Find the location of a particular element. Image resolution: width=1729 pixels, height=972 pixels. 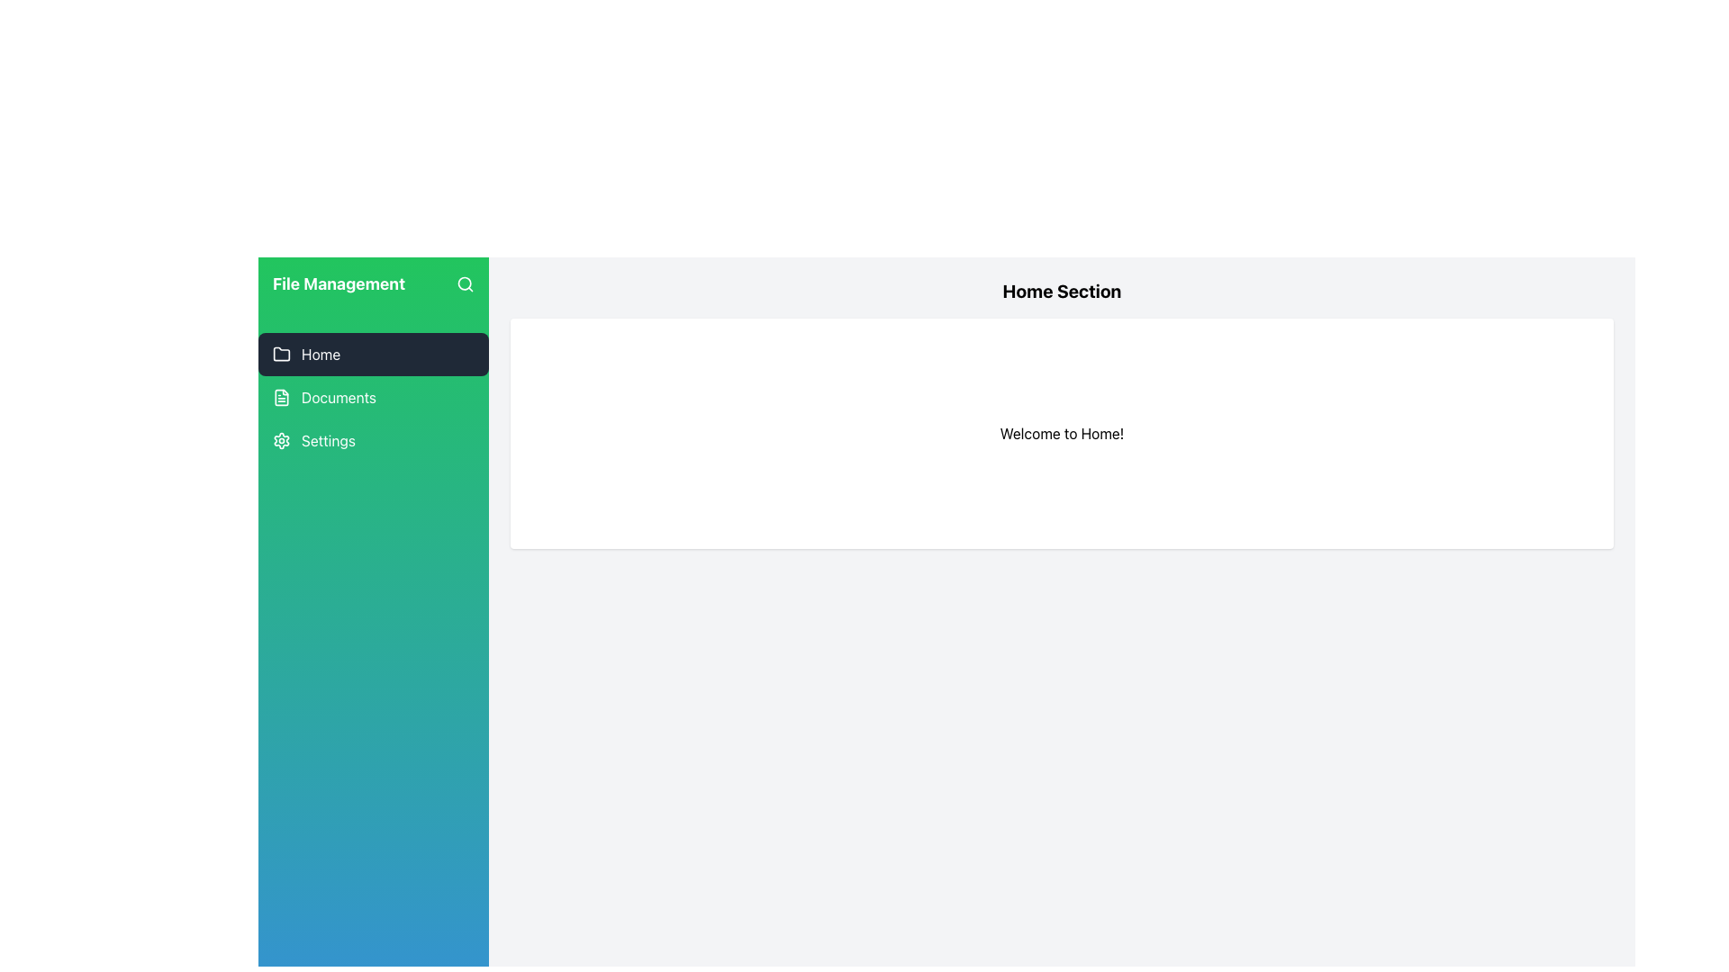

the circle element of the search icon located in the top right corner of the green sidebar labeled 'File Management' is located at coordinates (465, 283).